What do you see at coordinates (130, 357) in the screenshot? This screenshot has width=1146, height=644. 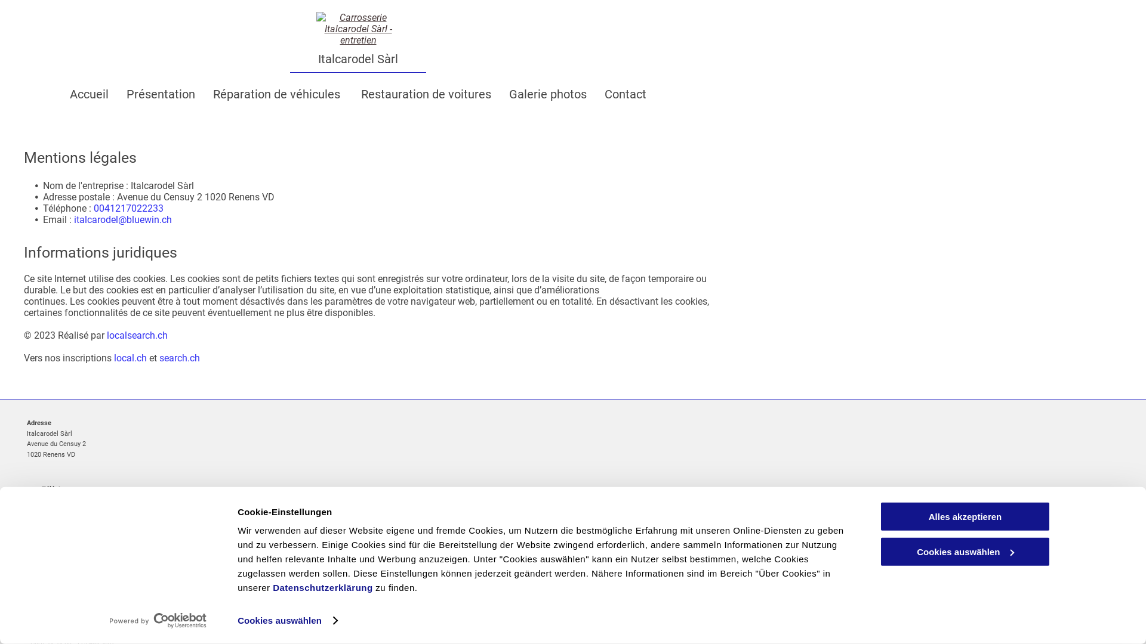 I see `'local.ch'` at bounding box center [130, 357].